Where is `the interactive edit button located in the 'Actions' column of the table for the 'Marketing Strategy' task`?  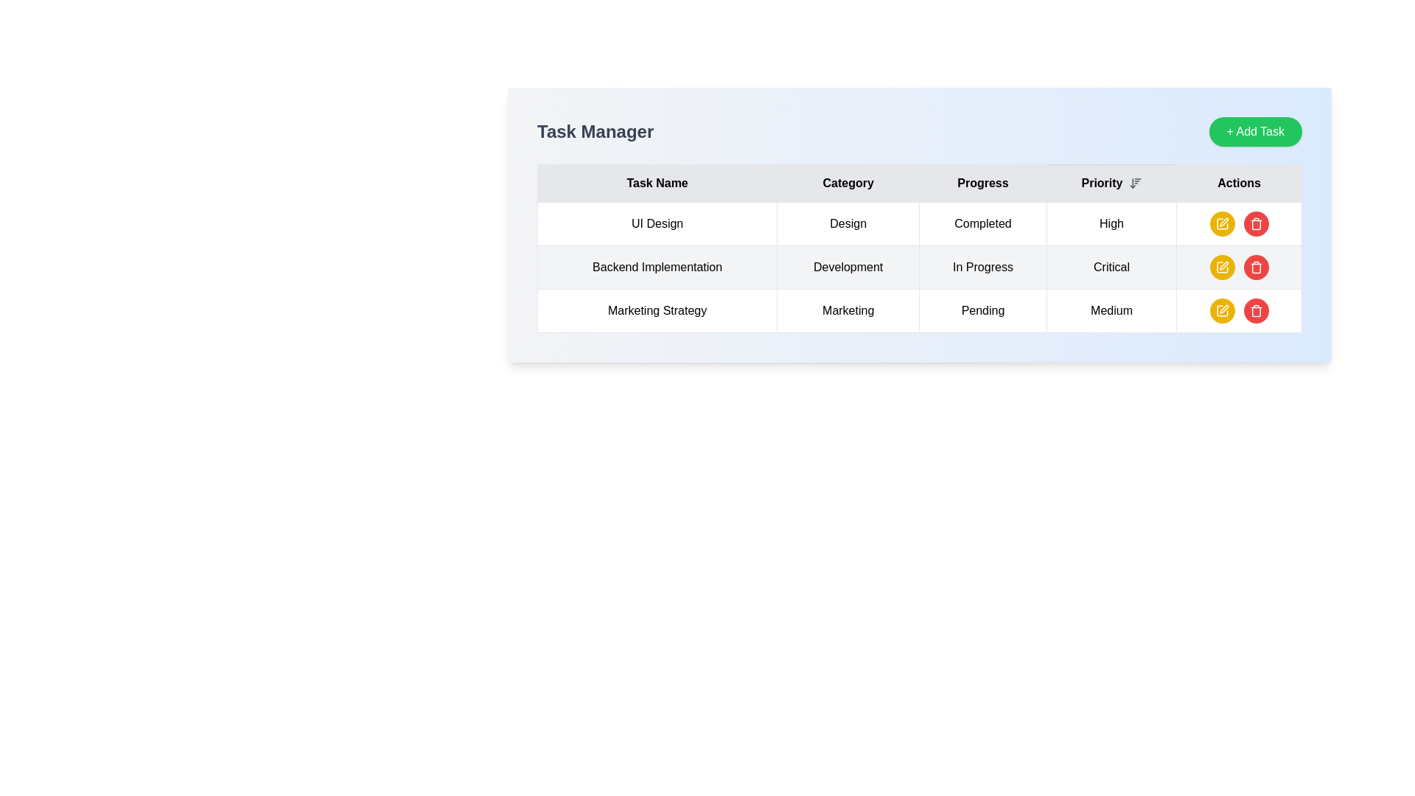 the interactive edit button located in the 'Actions' column of the table for the 'Marketing Strategy' task is located at coordinates (1222, 310).